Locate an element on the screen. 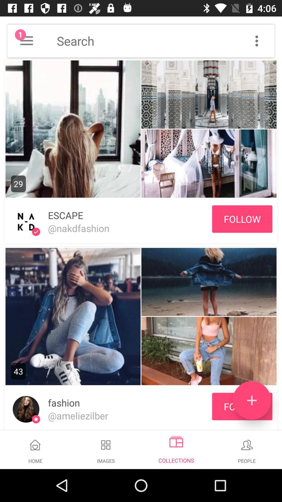 The width and height of the screenshot is (282, 502). menu is located at coordinates (26, 41).